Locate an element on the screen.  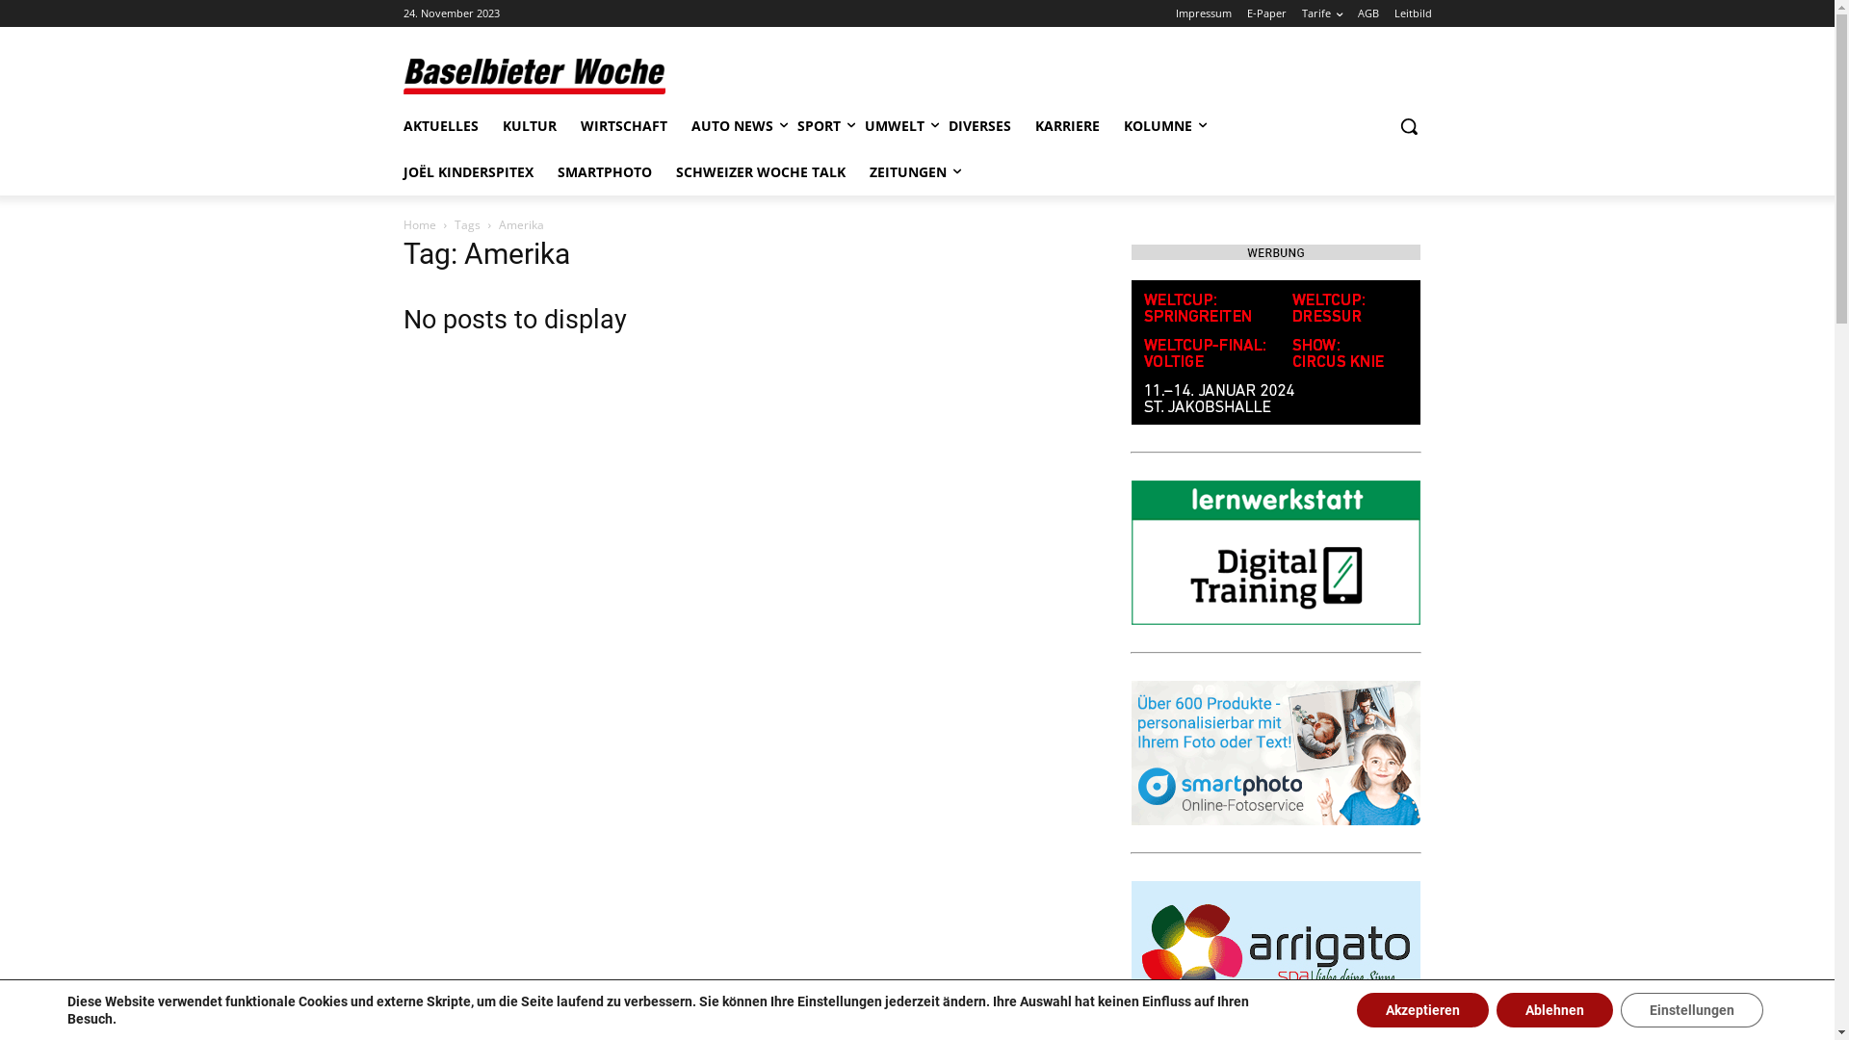
'Einstellungen' is located at coordinates (1690, 1009).